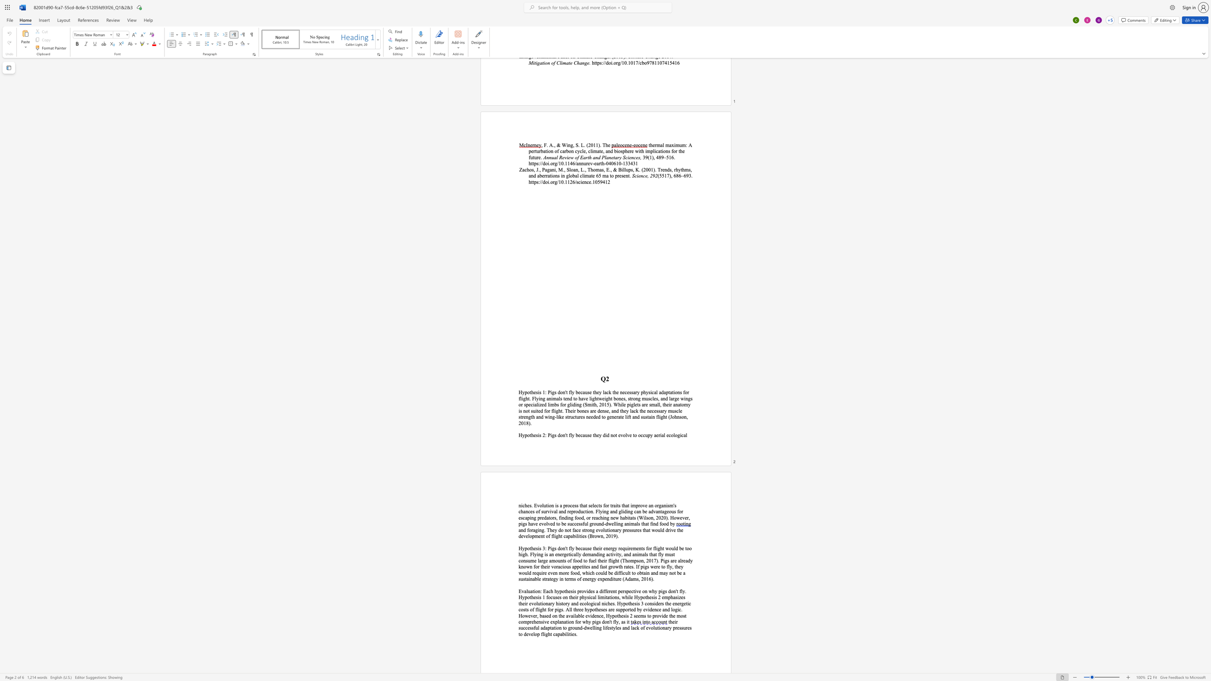  I want to click on the 2th character "i" in the text, so click(548, 505).